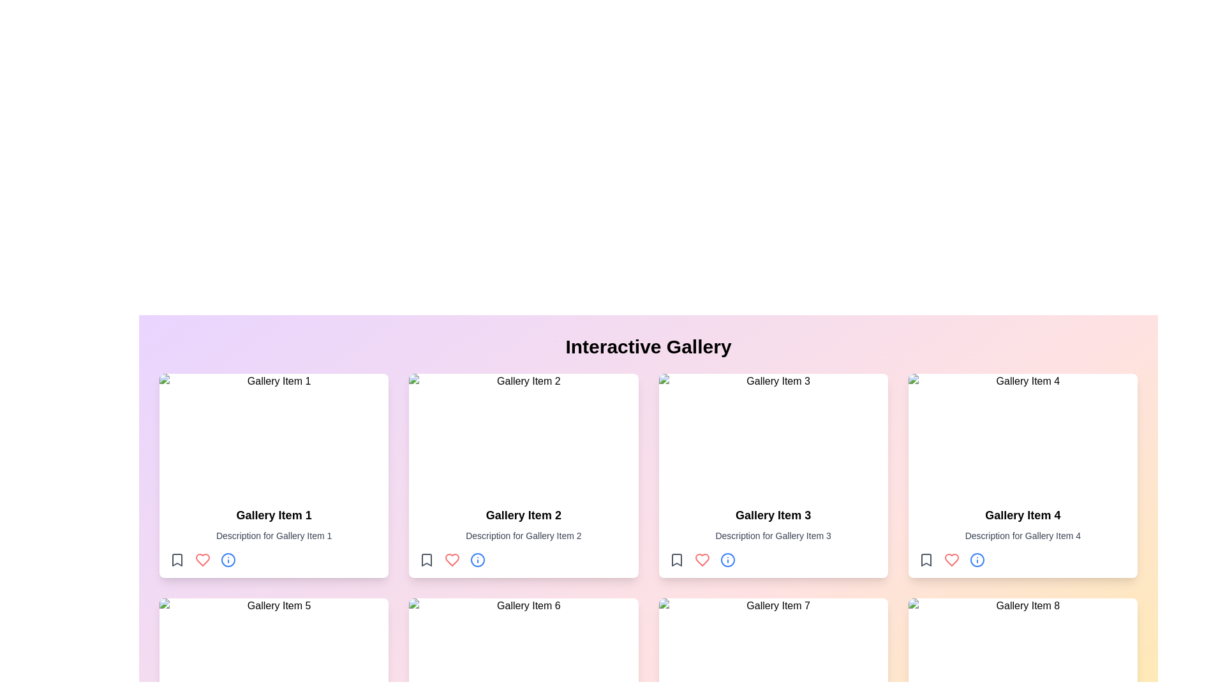 The height and width of the screenshot is (689, 1225). What do you see at coordinates (976, 559) in the screenshot?
I see `the information indicator icon located at the bottom of the fourth gallery item card in the top row, which is the third icon in a row of three` at bounding box center [976, 559].